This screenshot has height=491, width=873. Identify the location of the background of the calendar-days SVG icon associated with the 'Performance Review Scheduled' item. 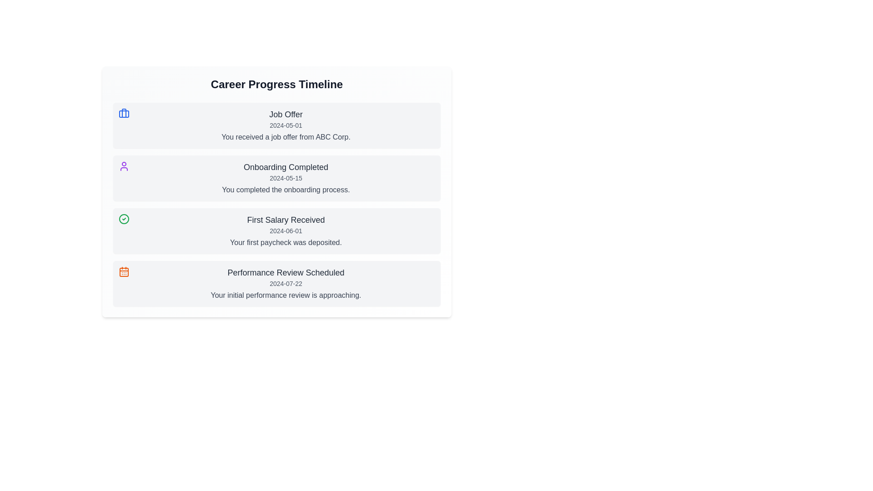
(124, 271).